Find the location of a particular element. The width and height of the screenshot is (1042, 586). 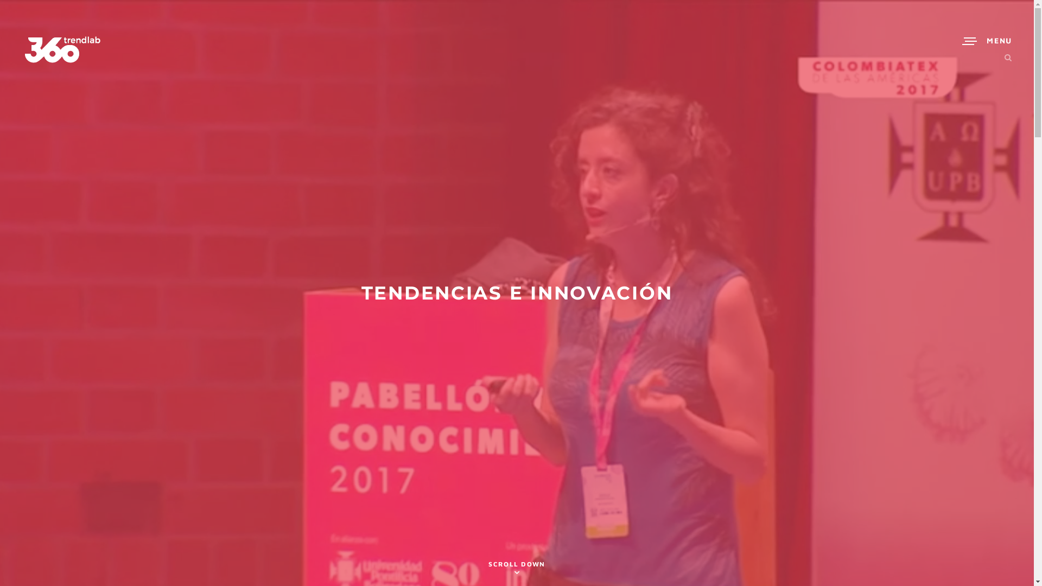

'Search' is located at coordinates (43, 13).